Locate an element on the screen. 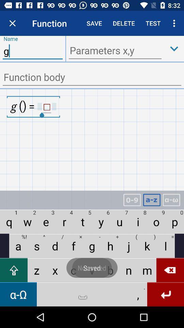 This screenshot has width=184, height=328. show more options is located at coordinates (174, 48).